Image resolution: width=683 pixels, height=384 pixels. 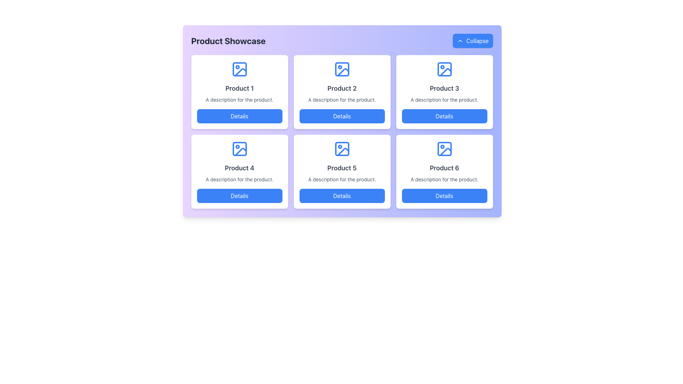 I want to click on the static text label that reads 'A description for the product.' located below the title 'Product 6' and above the blue 'Details' button, so click(x=444, y=179).